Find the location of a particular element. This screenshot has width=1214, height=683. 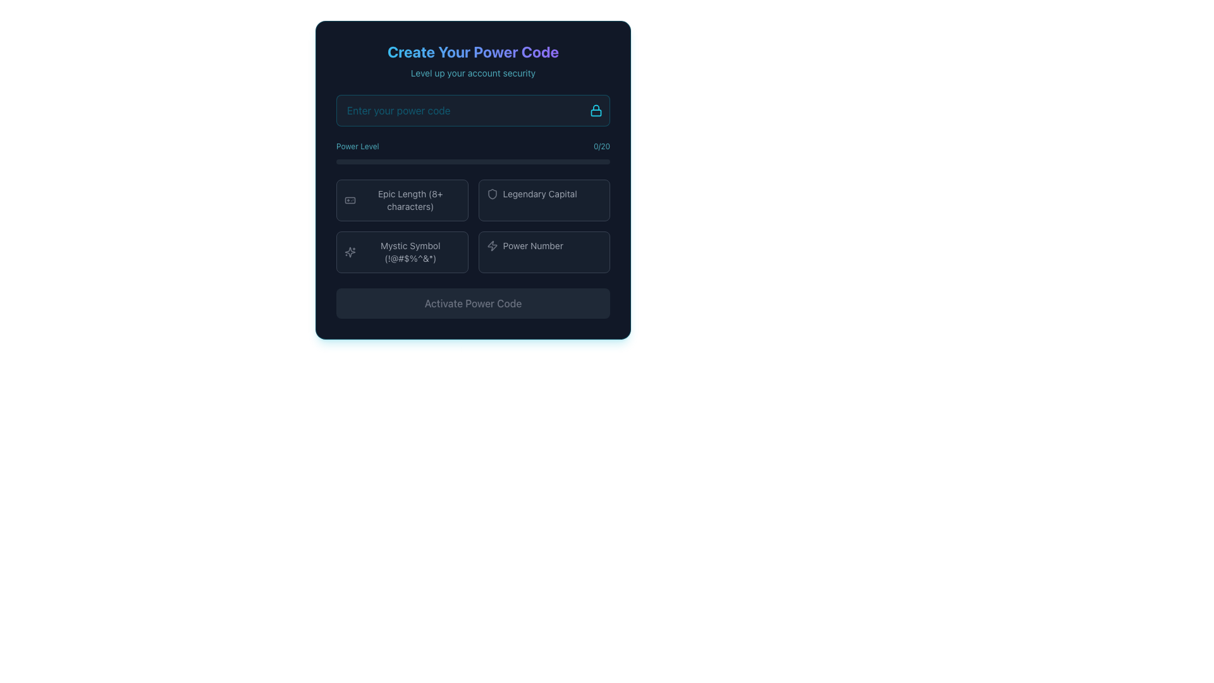

the text displaying '0/20' in light cyan color, positioned to the right of the label 'Power Level' is located at coordinates (601, 145).